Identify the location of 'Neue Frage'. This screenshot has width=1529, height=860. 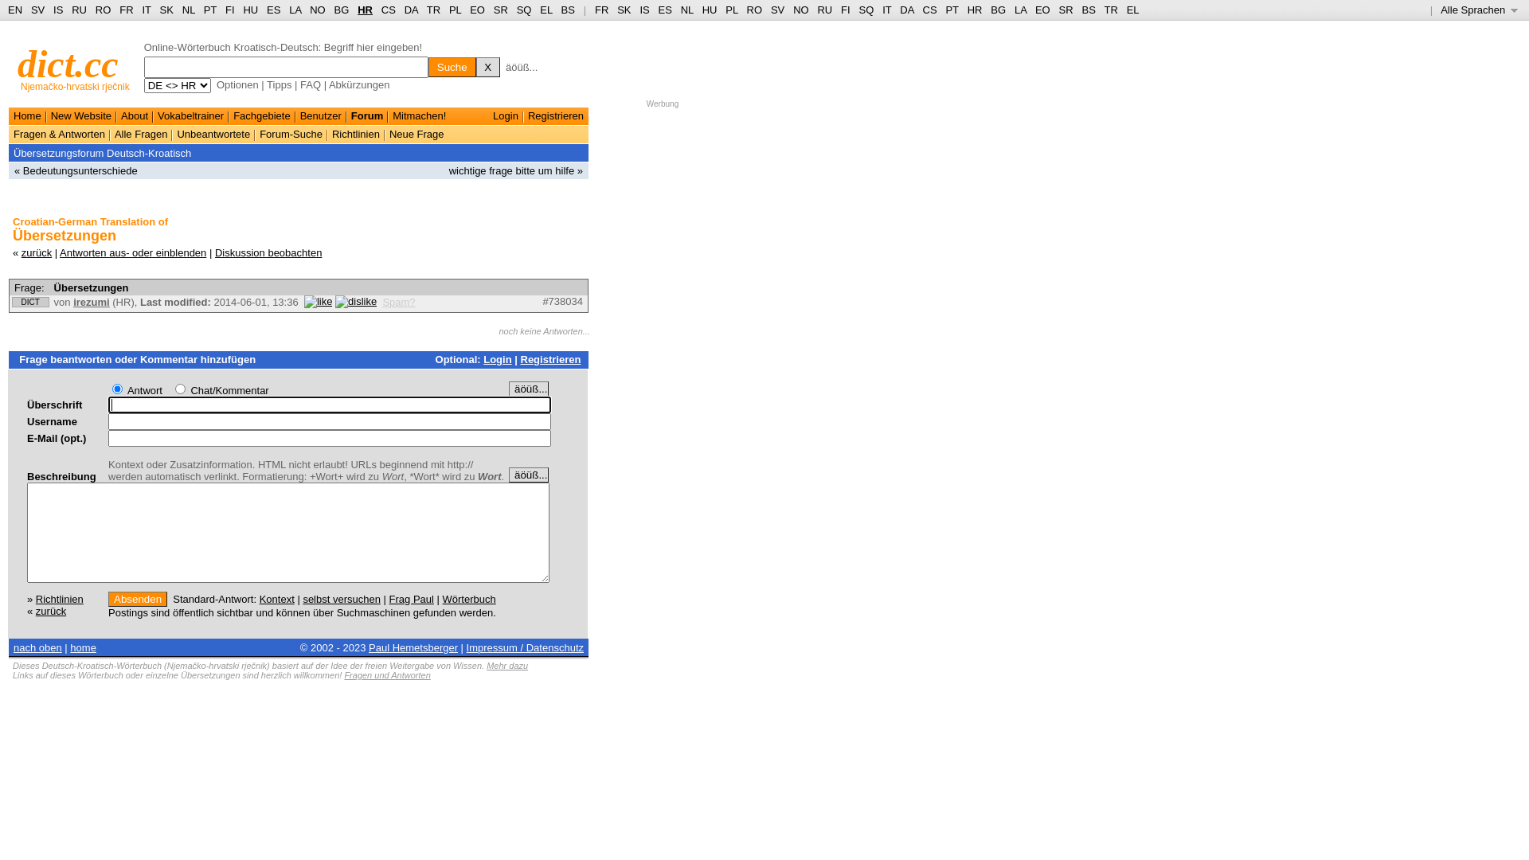
(416, 133).